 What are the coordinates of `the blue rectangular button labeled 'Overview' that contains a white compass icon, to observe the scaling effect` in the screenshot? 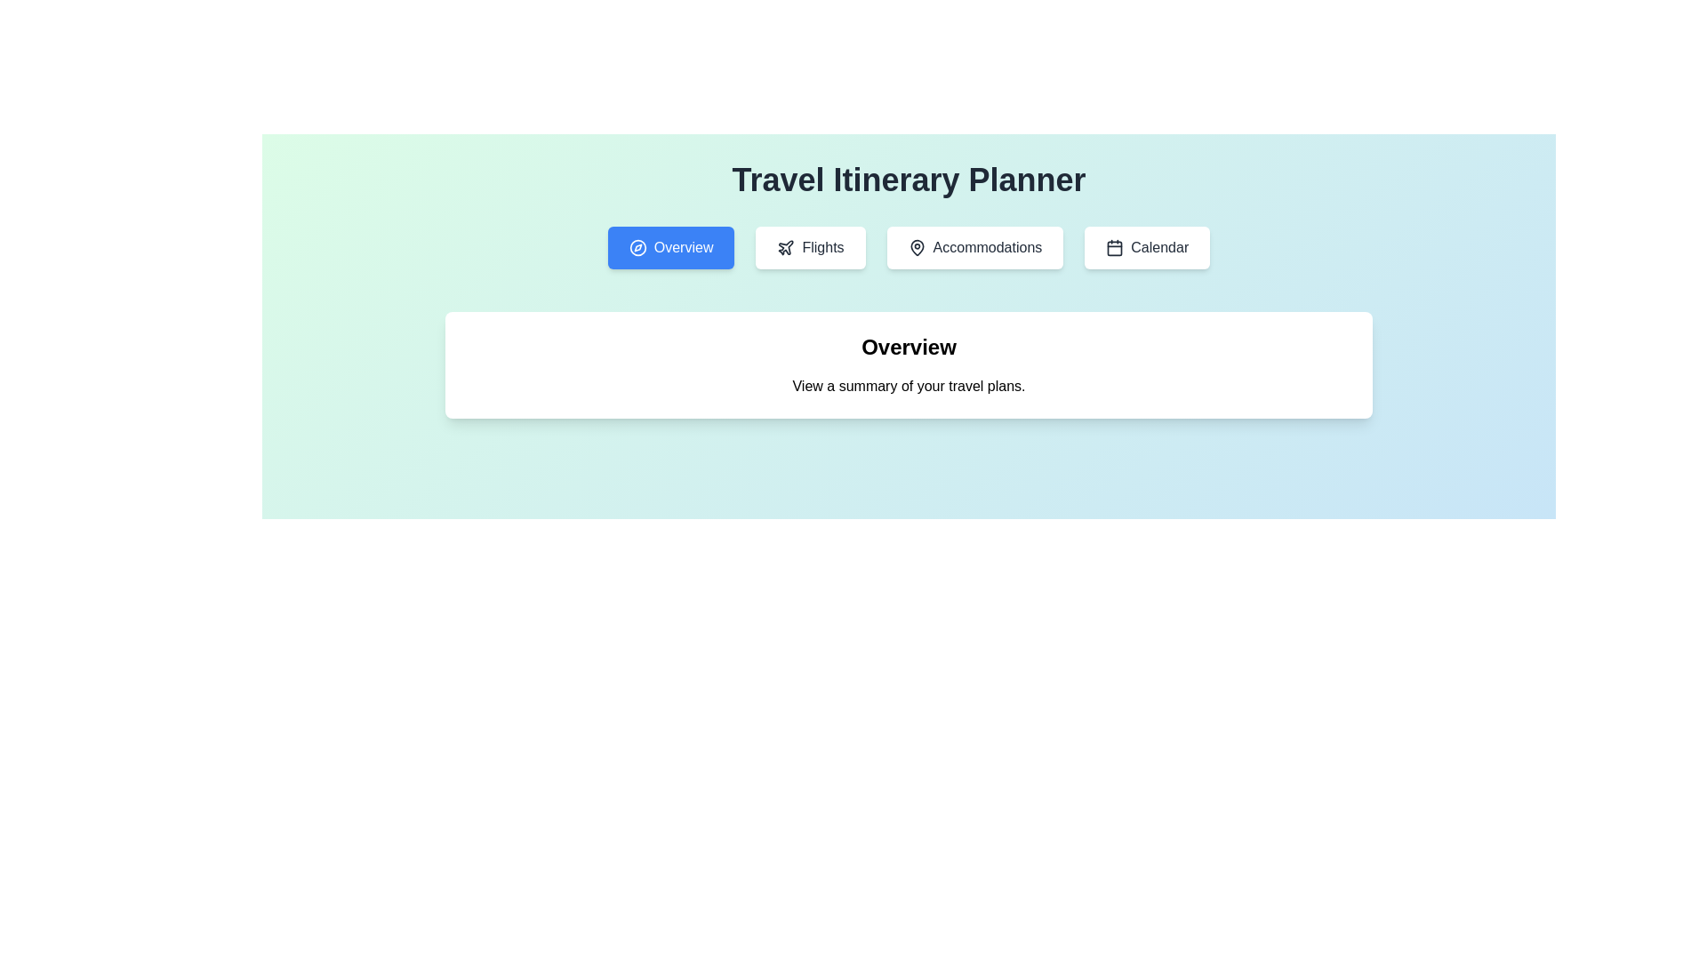 It's located at (670, 247).